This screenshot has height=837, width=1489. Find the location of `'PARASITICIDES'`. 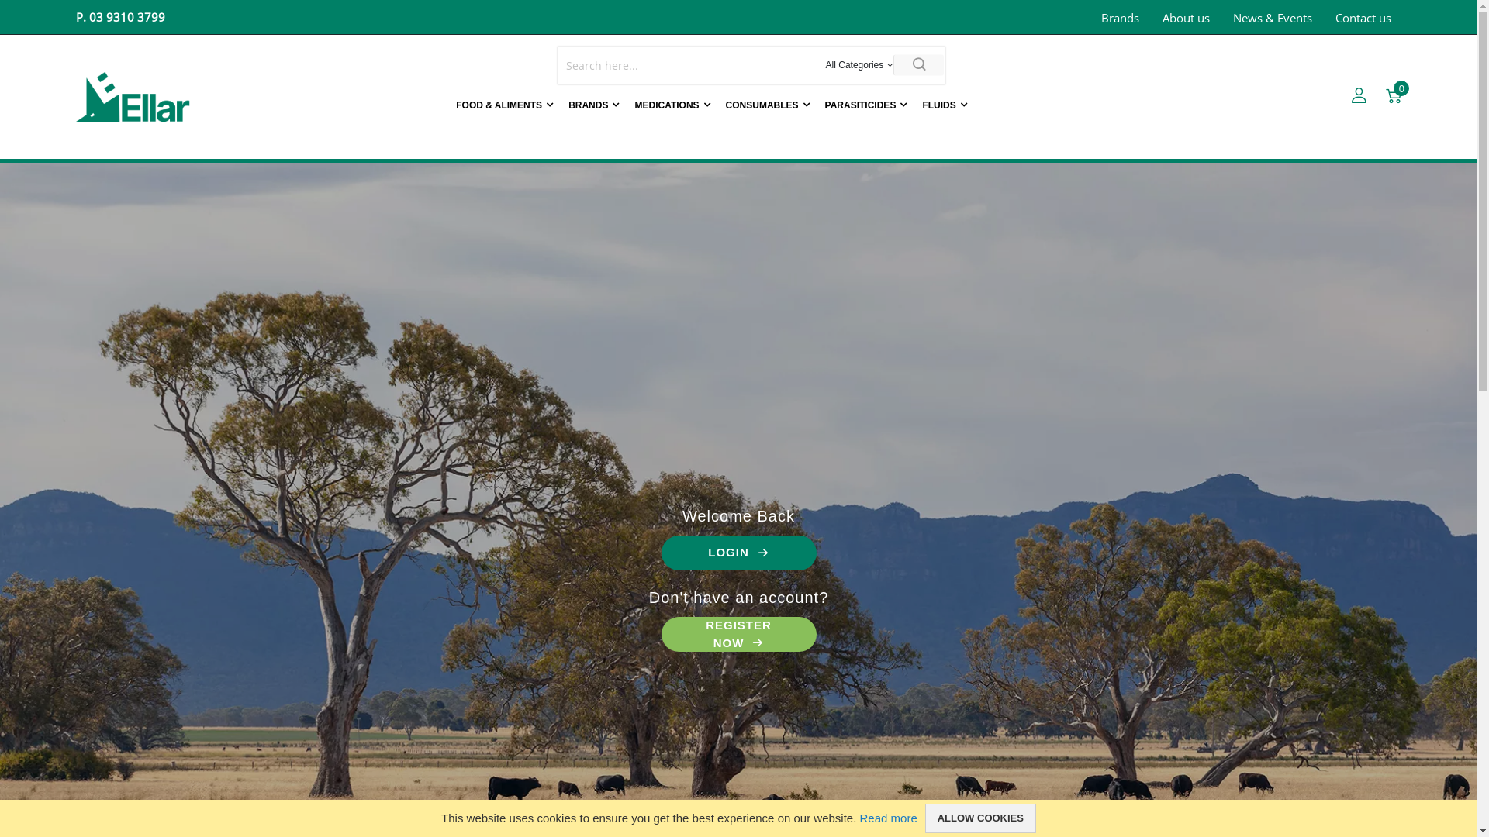

'PARASITICIDES' is located at coordinates (865, 105).